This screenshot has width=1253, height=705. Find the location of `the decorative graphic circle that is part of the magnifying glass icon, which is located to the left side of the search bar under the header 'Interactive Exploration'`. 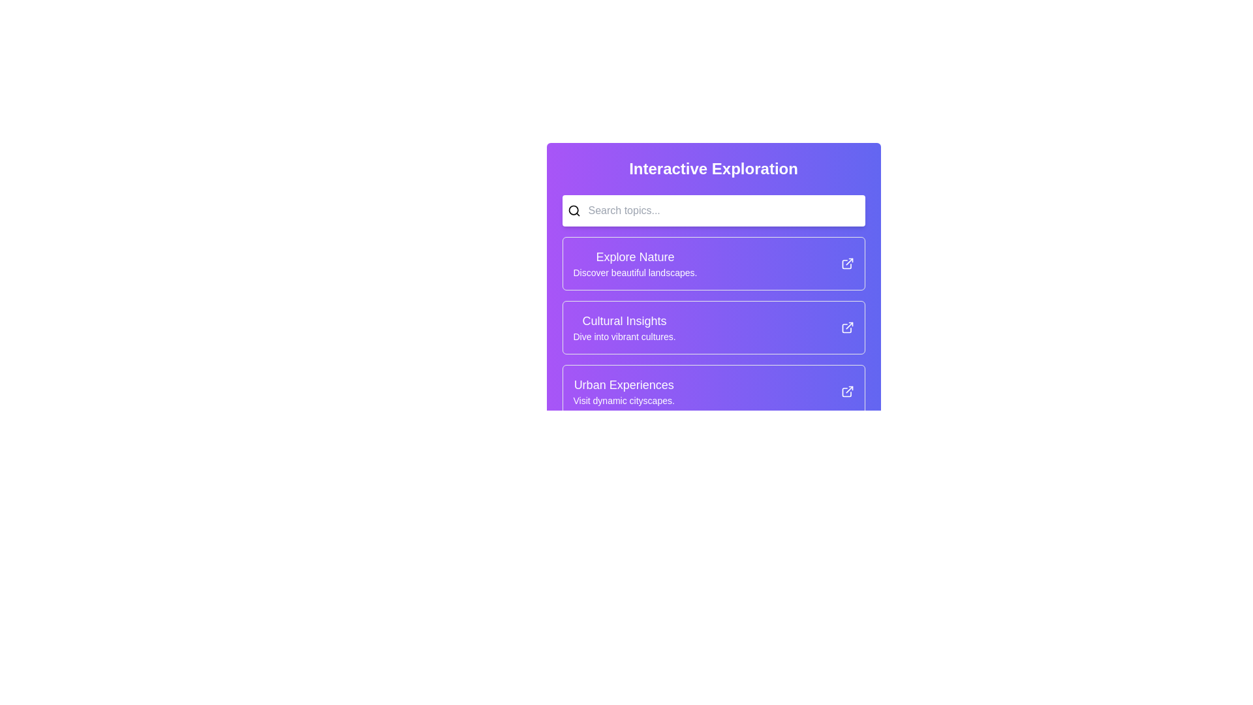

the decorative graphic circle that is part of the magnifying glass icon, which is located to the left side of the search bar under the header 'Interactive Exploration' is located at coordinates (573, 210).